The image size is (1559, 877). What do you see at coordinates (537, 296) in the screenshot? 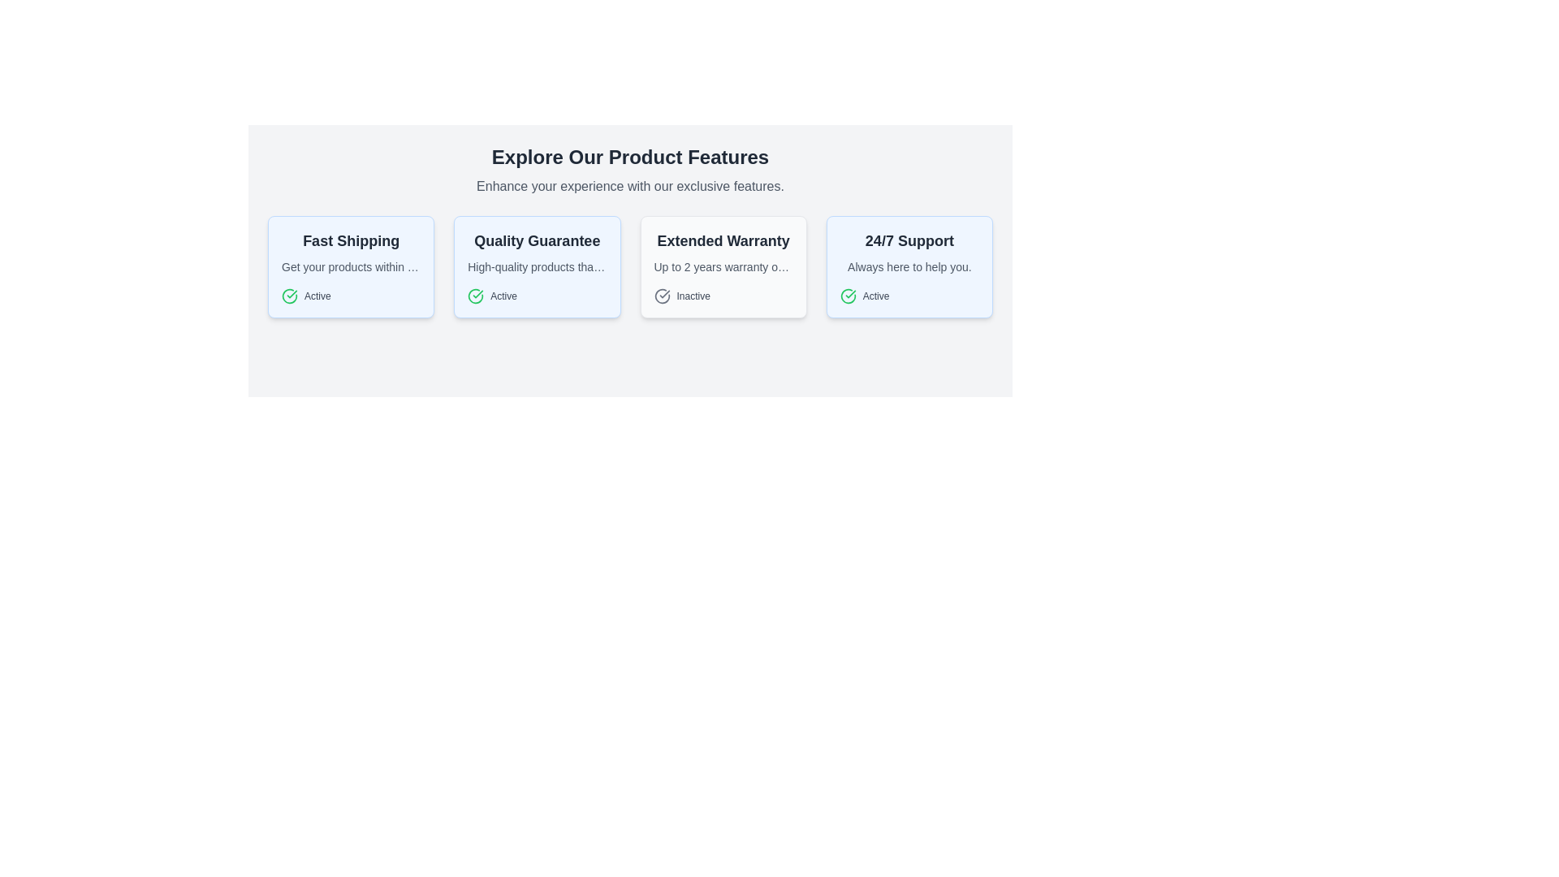
I see `the text label reading 'Active' located at the lower-left corner of the 'Quality Guarantee' card, adjacent to the green checkmark icon` at bounding box center [537, 296].